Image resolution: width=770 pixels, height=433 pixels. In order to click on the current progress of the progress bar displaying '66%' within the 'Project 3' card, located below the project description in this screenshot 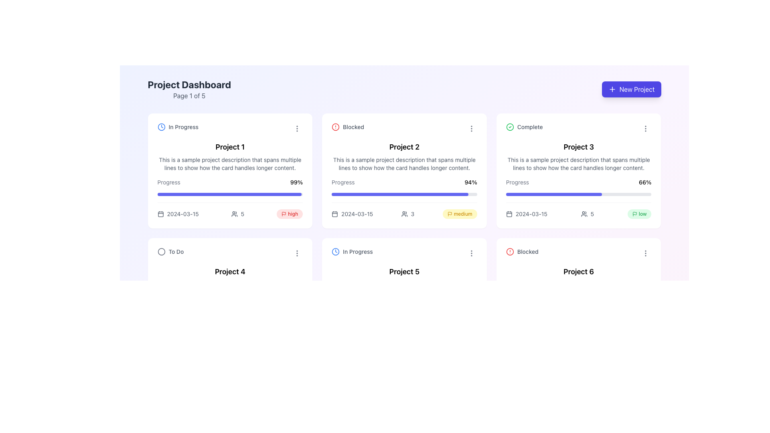, I will do `click(579, 198)`.